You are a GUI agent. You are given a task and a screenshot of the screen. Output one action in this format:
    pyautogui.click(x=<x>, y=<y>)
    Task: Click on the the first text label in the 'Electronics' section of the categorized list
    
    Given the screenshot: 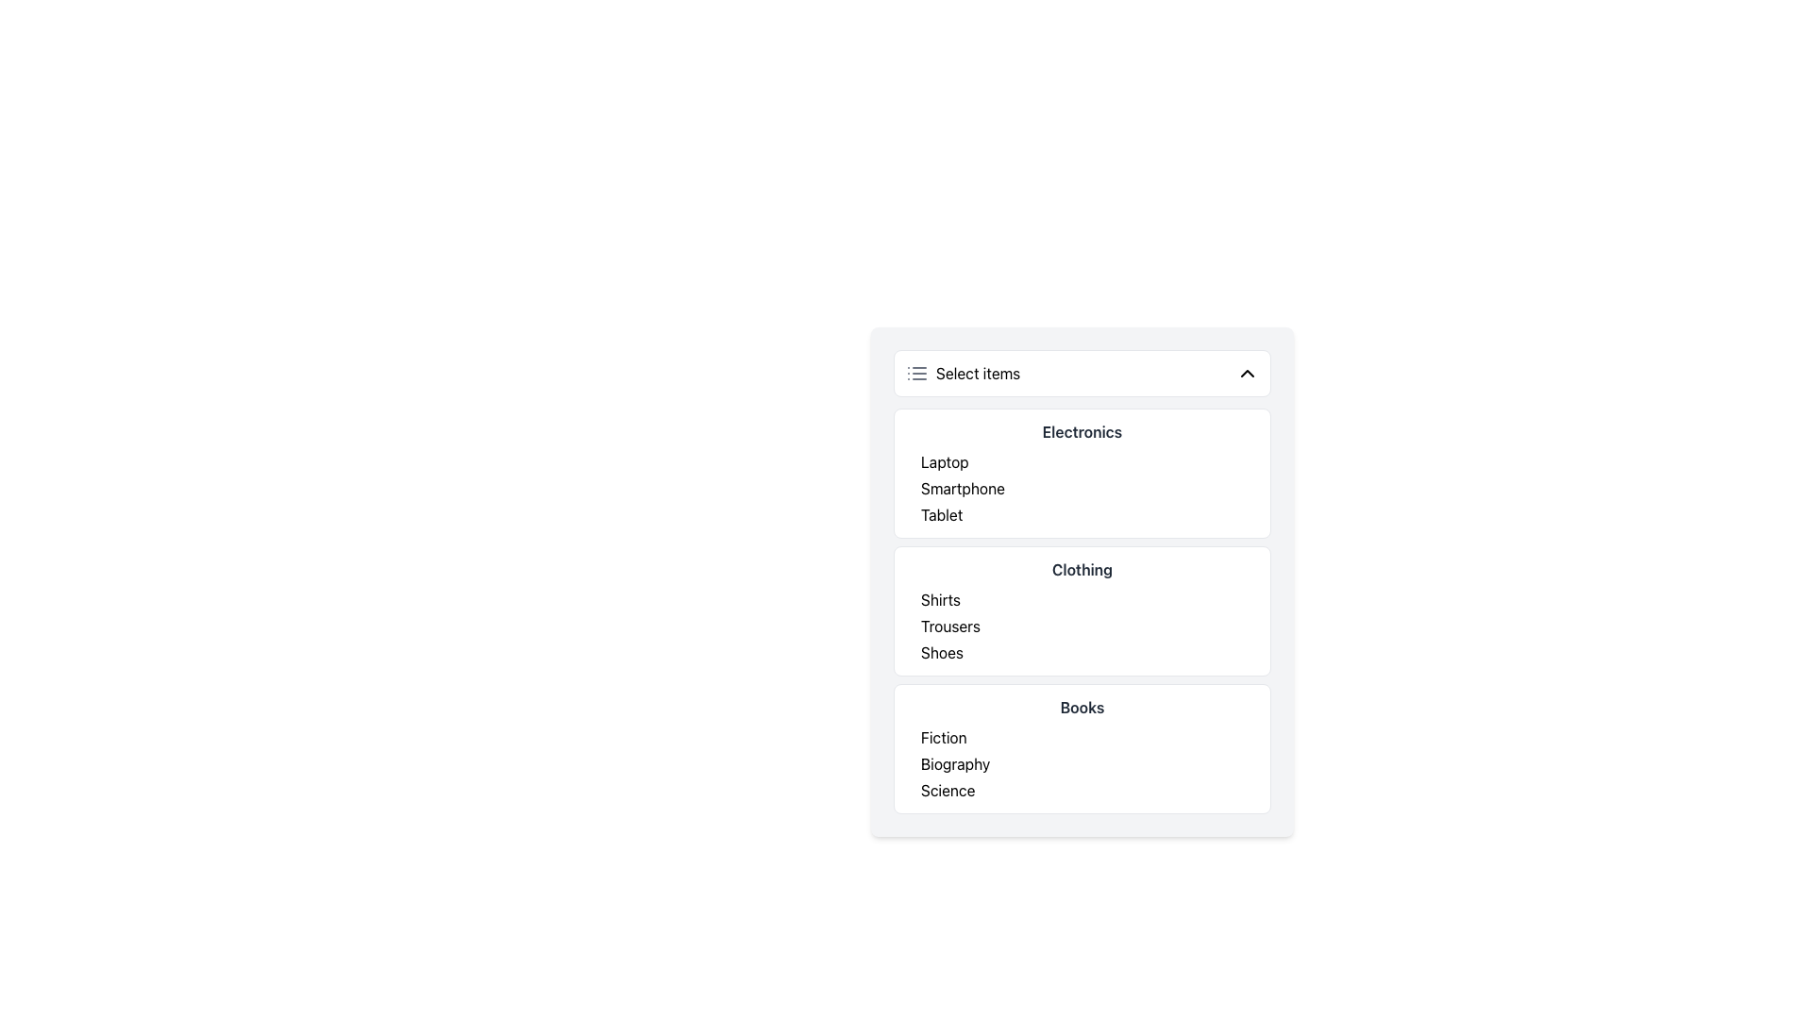 What is the action you would take?
    pyautogui.click(x=945, y=461)
    